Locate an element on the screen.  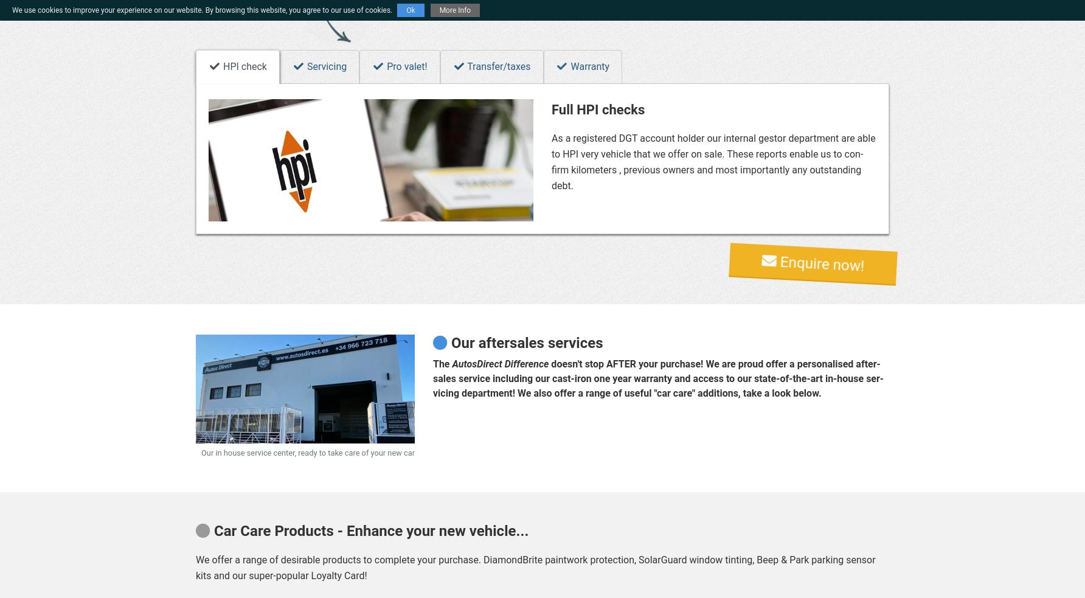
'Our aftersales services' is located at coordinates (524, 342).